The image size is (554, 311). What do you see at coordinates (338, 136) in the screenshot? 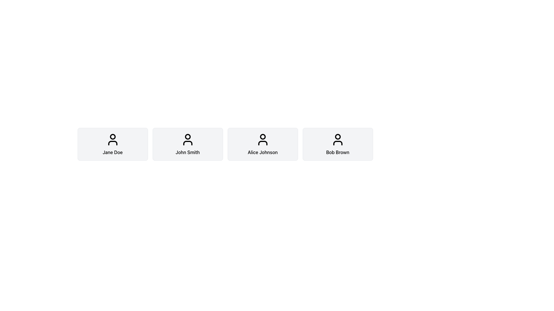
I see `the Circle graphical element representing the user's identifier in the avatar illustration located at the top-center of the user card labeled 'Bob Brown'` at bounding box center [338, 136].